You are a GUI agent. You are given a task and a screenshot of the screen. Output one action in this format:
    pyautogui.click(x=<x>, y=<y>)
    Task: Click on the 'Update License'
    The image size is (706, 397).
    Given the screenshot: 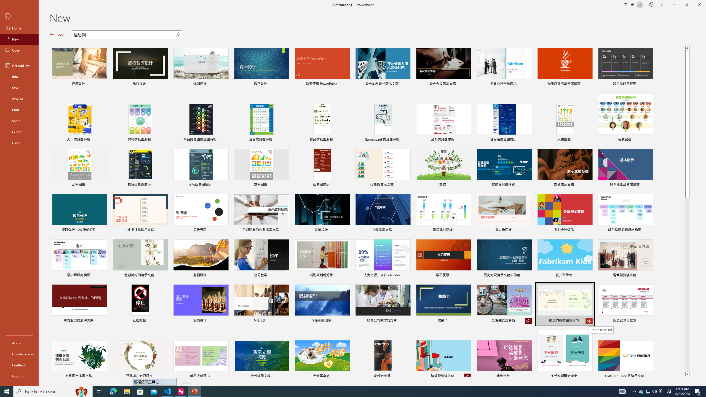 What is the action you would take?
    pyautogui.click(x=19, y=354)
    